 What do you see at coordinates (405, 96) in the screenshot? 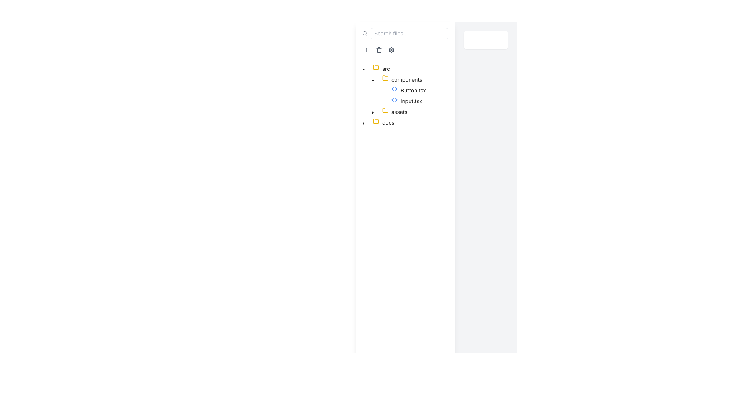
I see `to select the file named 'Input.tsx' in the directory tree structure located within the components folder` at bounding box center [405, 96].